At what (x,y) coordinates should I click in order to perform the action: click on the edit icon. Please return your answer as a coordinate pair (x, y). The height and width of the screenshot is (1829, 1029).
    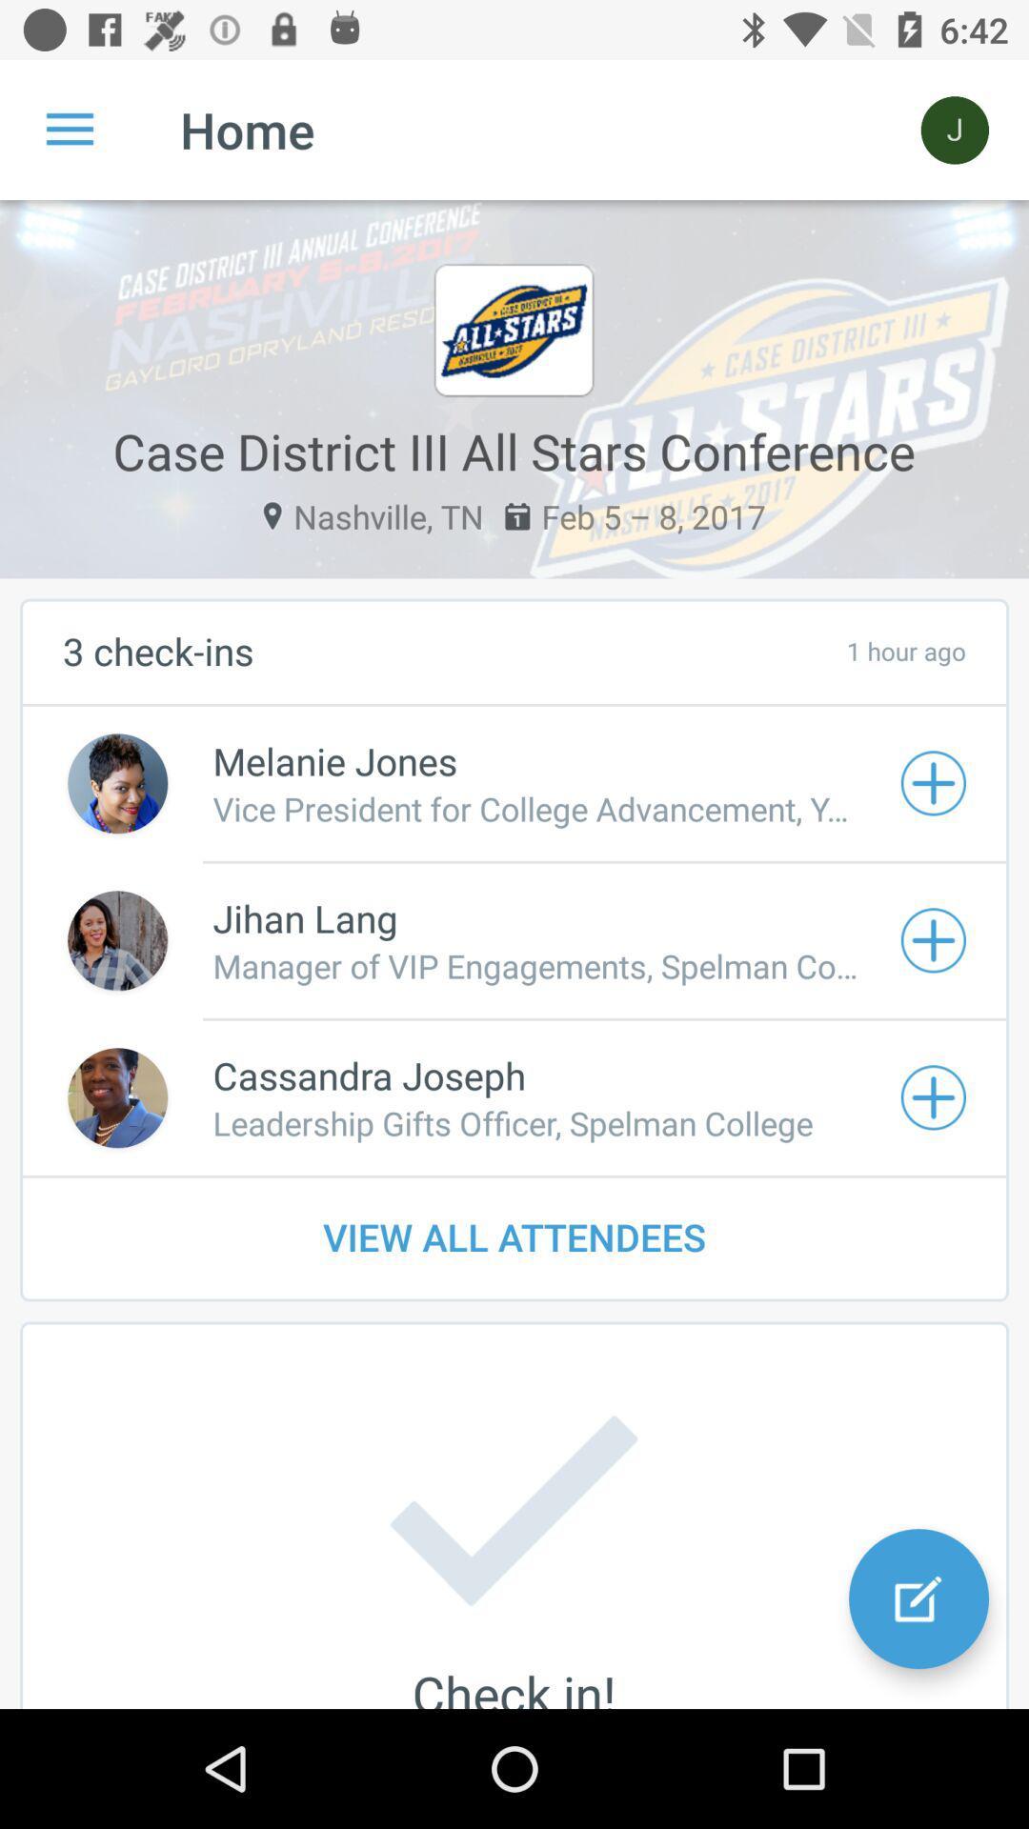
    Looking at the image, I should click on (918, 1598).